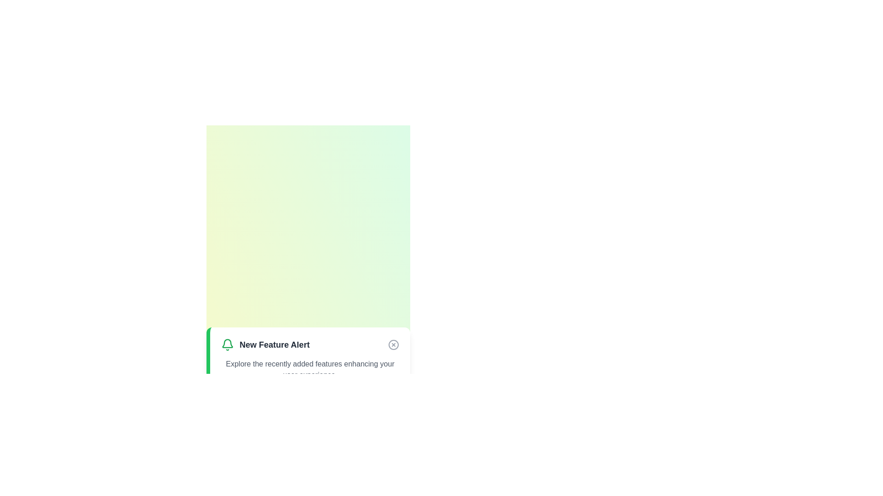  What do you see at coordinates (393, 345) in the screenshot?
I see `the graphical vector element (circle) that is part of the close button located in the top-right corner of the notification box` at bounding box center [393, 345].